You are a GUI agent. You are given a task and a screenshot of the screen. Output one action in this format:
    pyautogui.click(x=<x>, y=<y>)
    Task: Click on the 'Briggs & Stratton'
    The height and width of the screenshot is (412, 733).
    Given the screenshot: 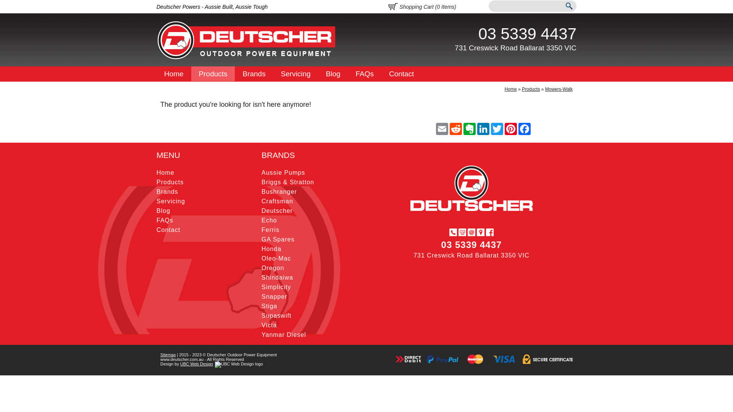 What is the action you would take?
    pyautogui.click(x=287, y=182)
    